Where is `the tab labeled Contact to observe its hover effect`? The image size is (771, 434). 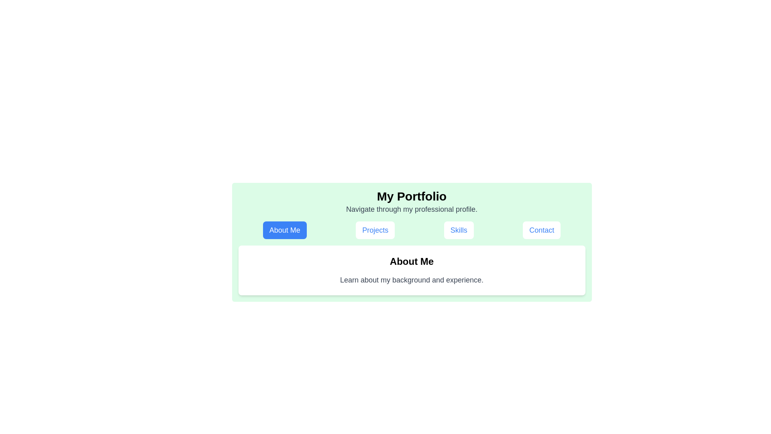 the tab labeled Contact to observe its hover effect is located at coordinates (542, 230).